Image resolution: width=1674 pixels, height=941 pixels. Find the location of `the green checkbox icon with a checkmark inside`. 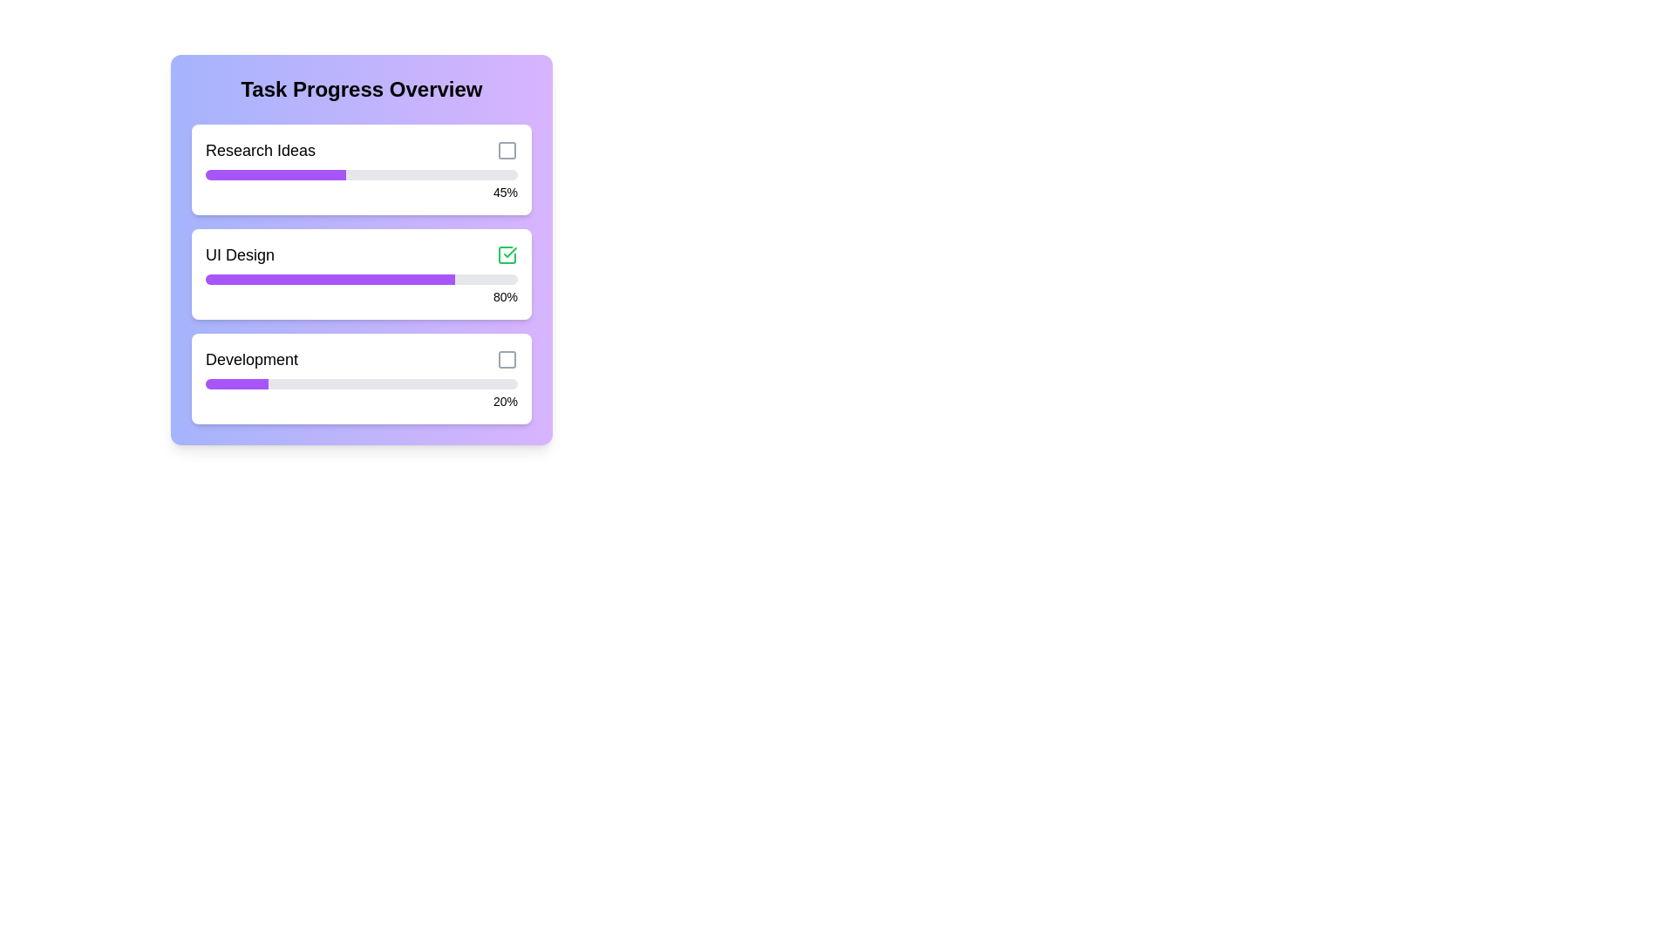

the green checkbox icon with a checkmark inside is located at coordinates (506, 255).